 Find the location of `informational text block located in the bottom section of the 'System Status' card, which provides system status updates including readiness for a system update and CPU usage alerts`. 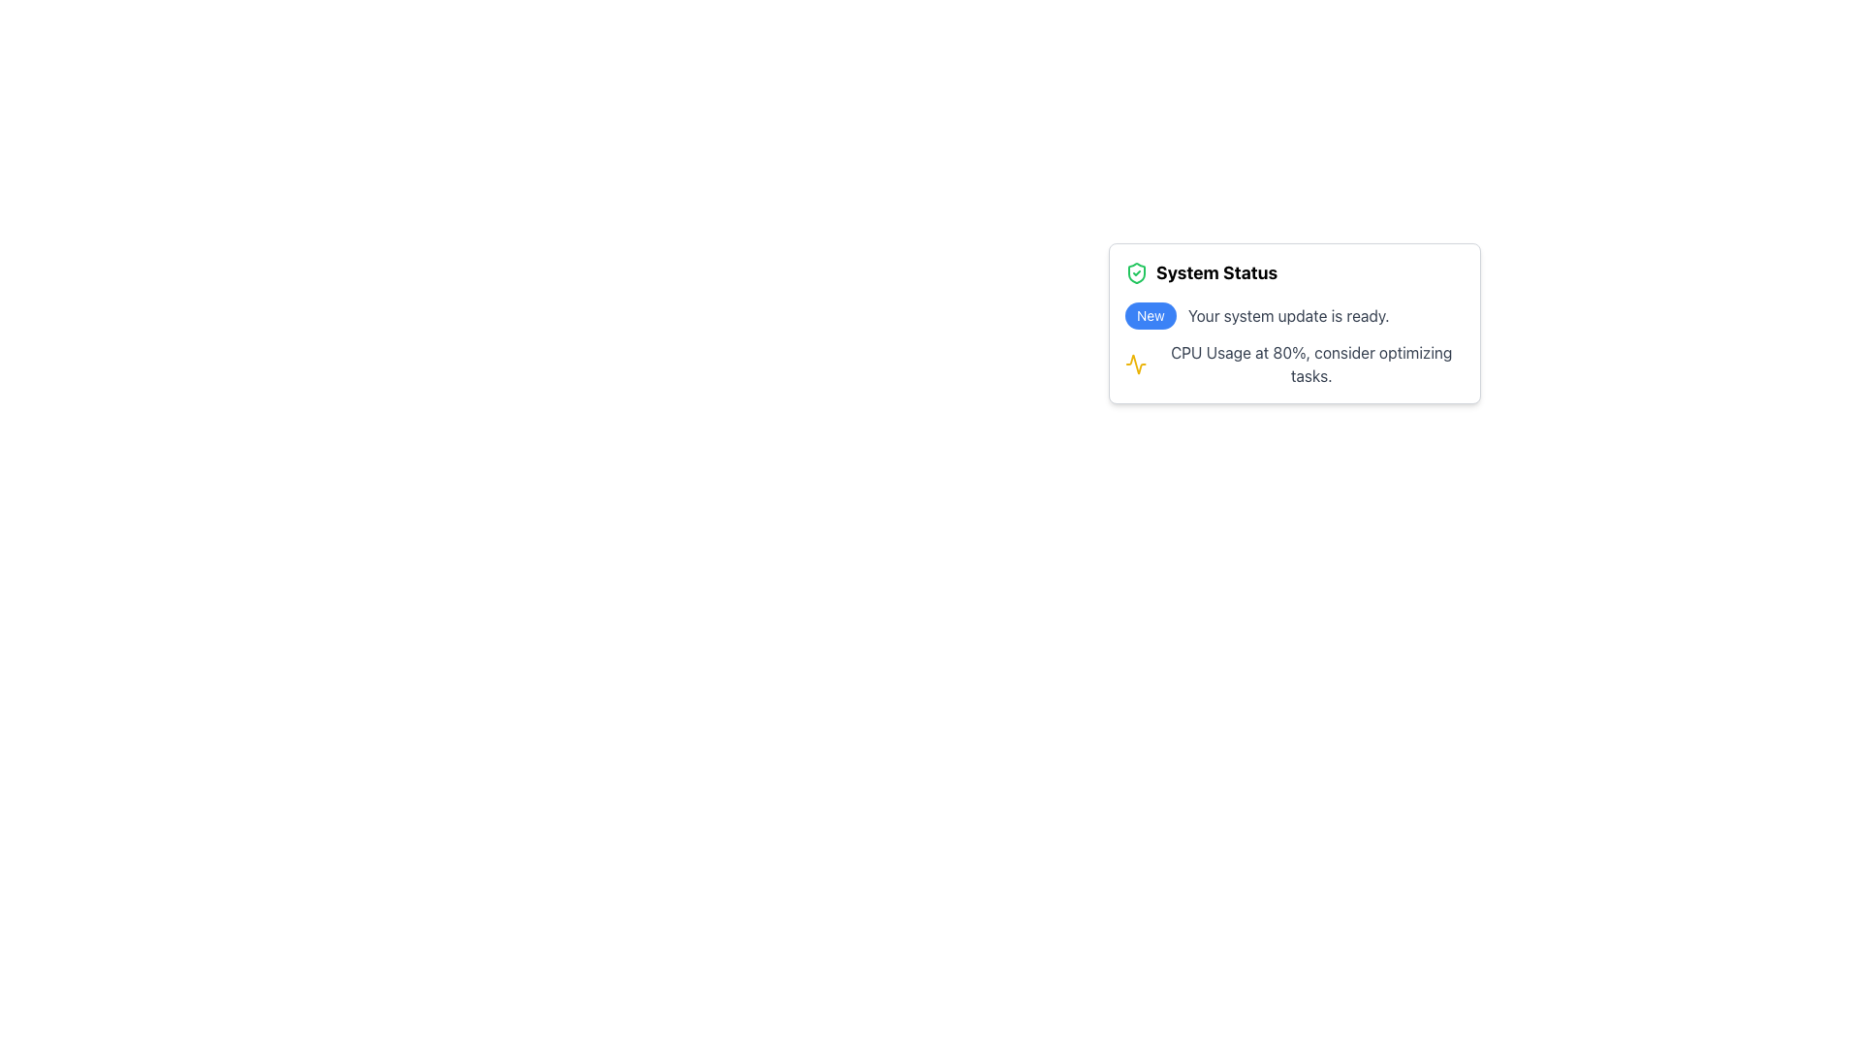

informational text block located in the bottom section of the 'System Status' card, which provides system status updates including readiness for a system update and CPU usage alerts is located at coordinates (1294, 343).